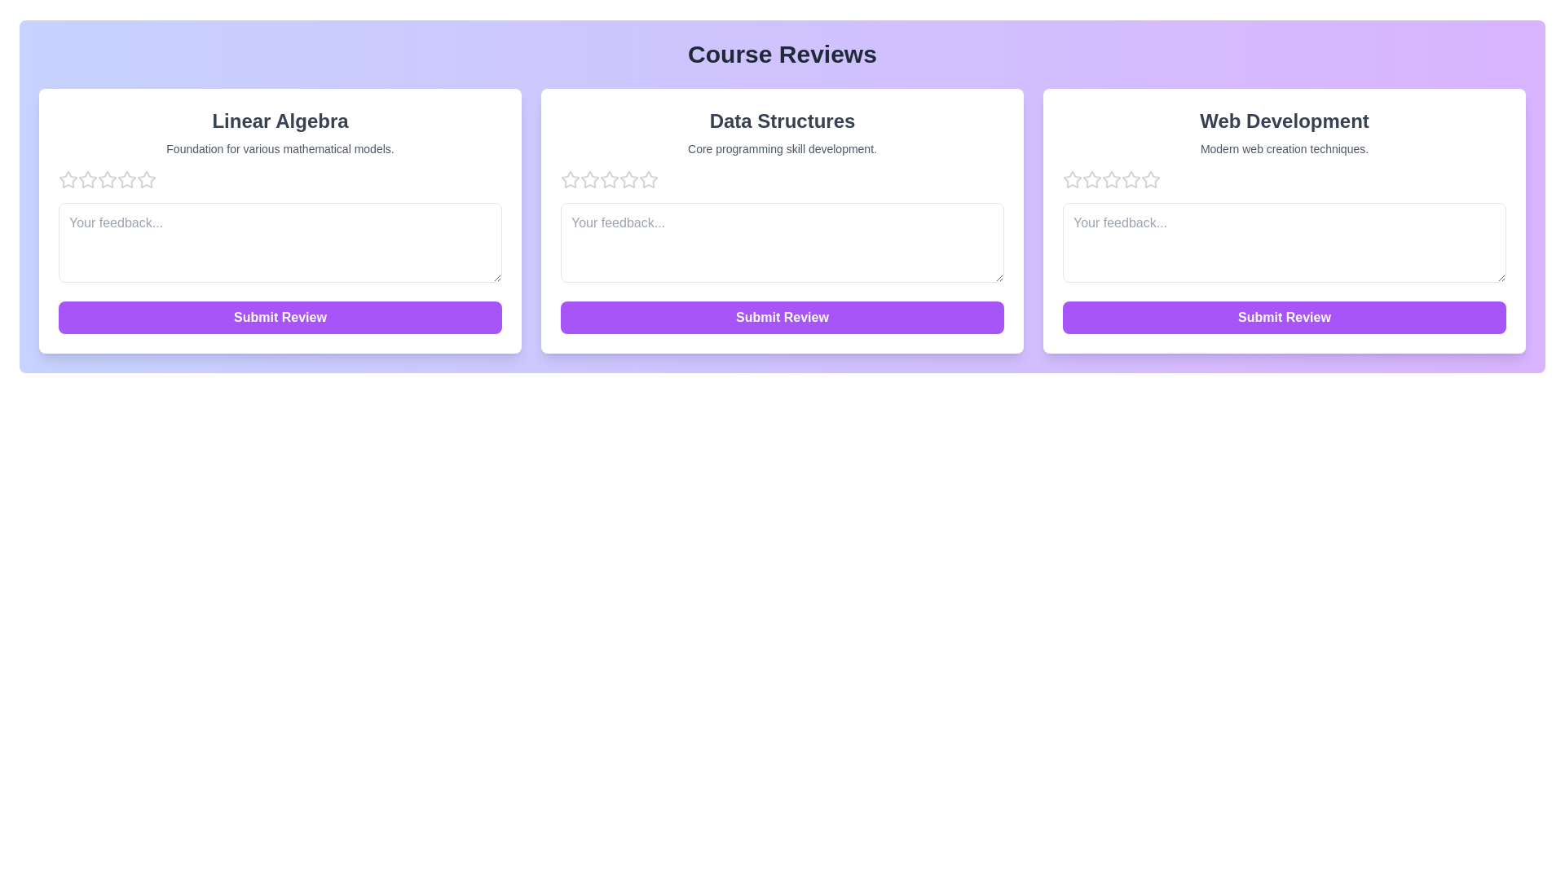 The image size is (1565, 880). What do you see at coordinates (280, 317) in the screenshot?
I see `the 'Submit Review' button for the selected course` at bounding box center [280, 317].